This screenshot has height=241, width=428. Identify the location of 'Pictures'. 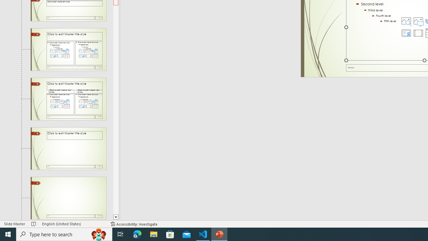
(418, 20).